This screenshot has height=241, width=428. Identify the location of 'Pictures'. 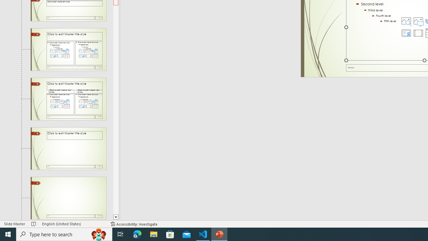
(418, 20).